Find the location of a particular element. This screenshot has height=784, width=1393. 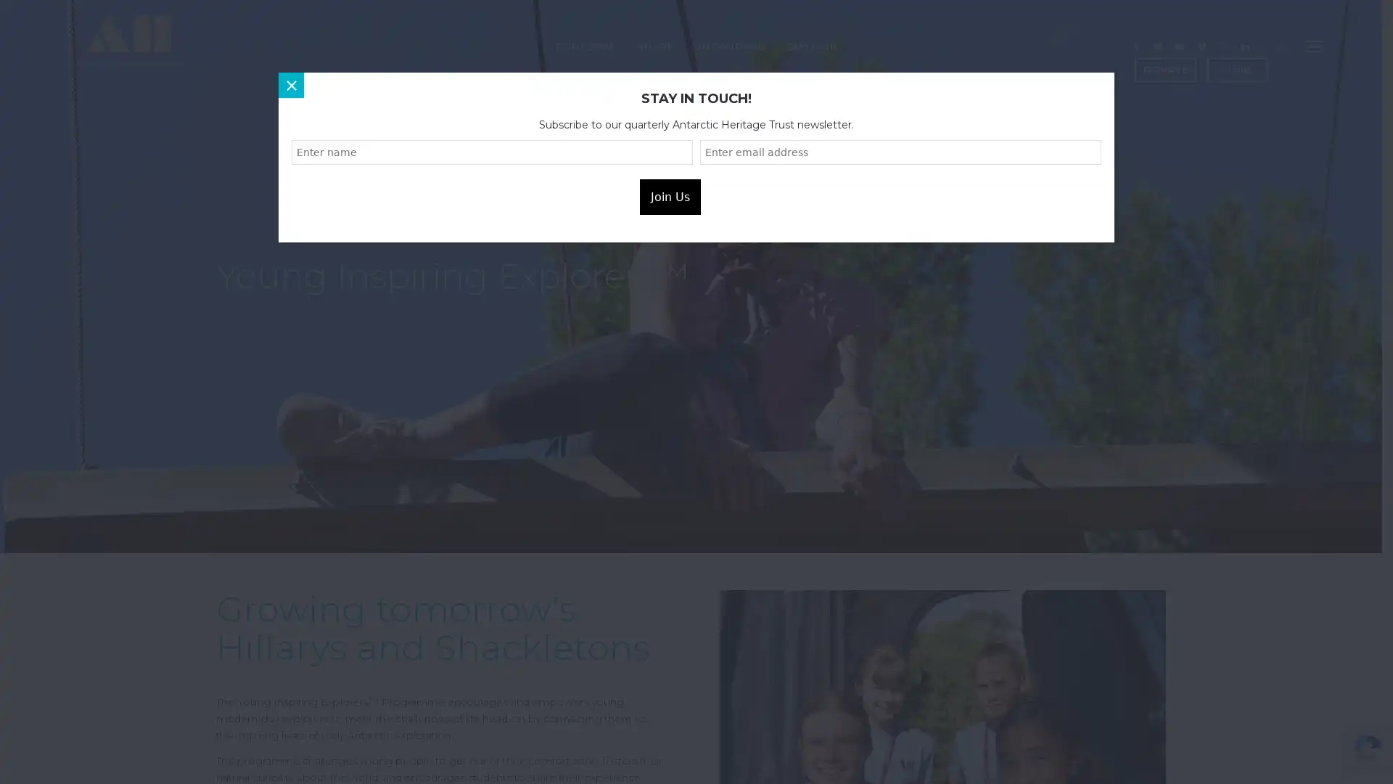

Join Us is located at coordinates (670, 196).